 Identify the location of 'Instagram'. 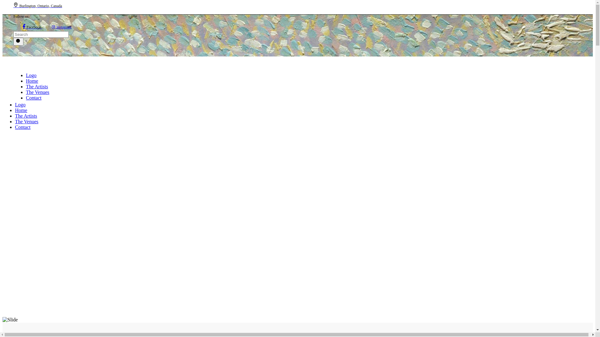
(62, 26).